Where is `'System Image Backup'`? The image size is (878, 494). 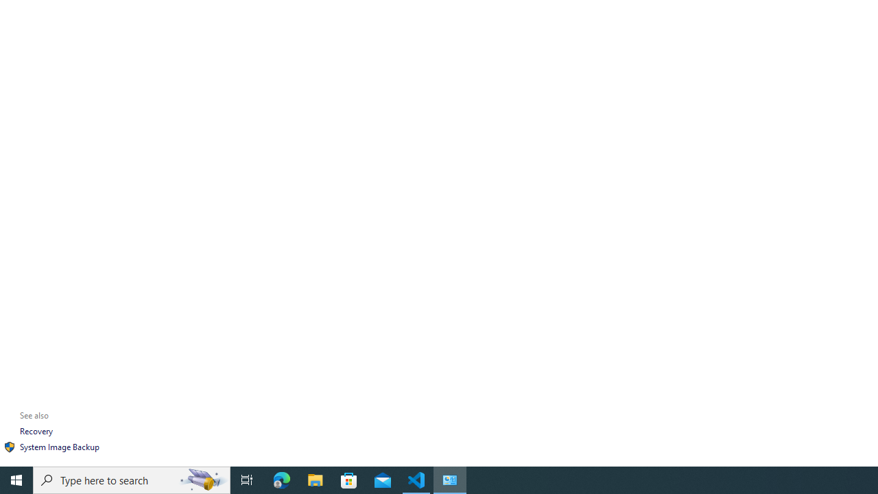
'System Image Backup' is located at coordinates (59, 447).